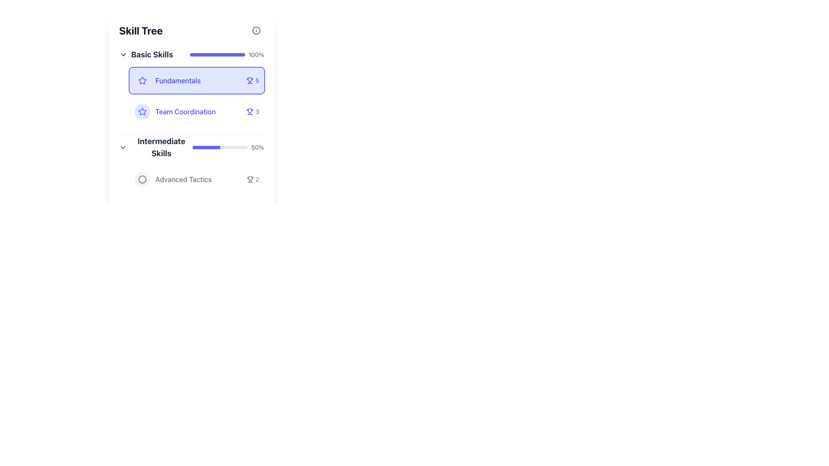 The width and height of the screenshot is (829, 466). What do you see at coordinates (155, 147) in the screenshot?
I see `the 'Intermediate Skills' button or interactive text header to change its text color` at bounding box center [155, 147].